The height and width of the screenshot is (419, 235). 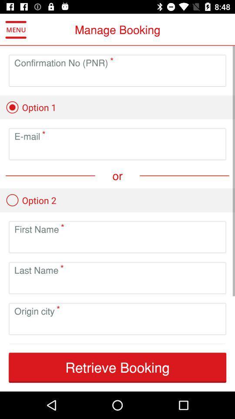 I want to click on type city of origin, so click(x=117, y=325).